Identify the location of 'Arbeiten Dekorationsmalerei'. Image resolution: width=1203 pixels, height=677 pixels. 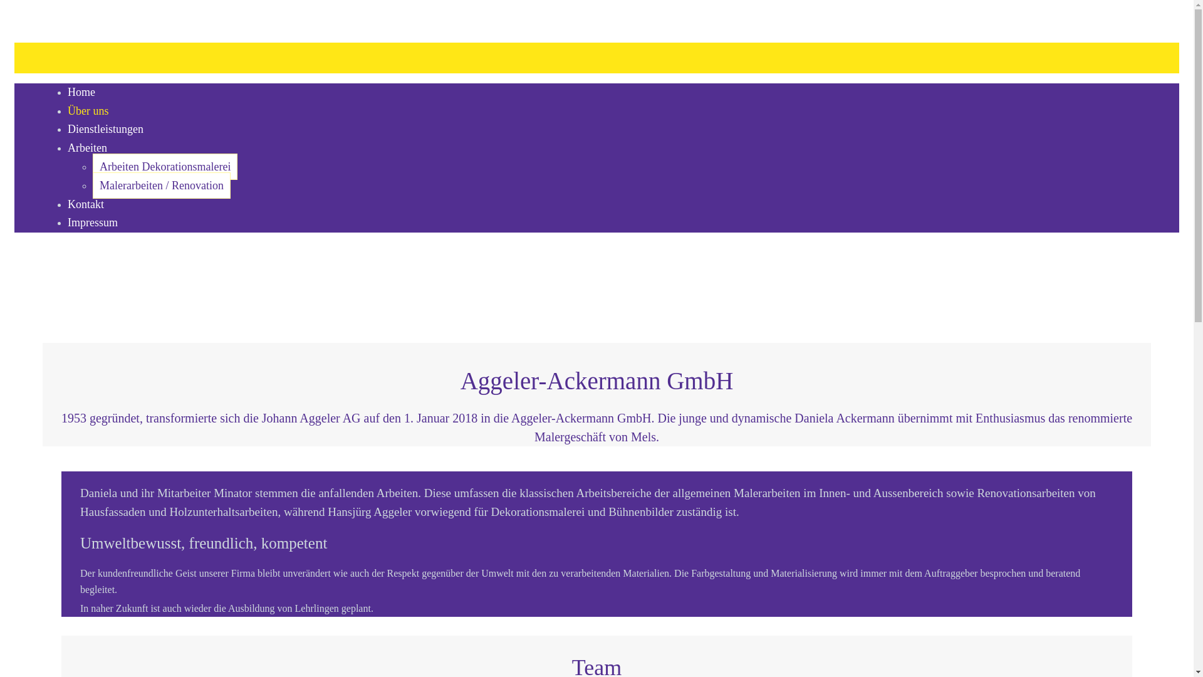
(92, 166).